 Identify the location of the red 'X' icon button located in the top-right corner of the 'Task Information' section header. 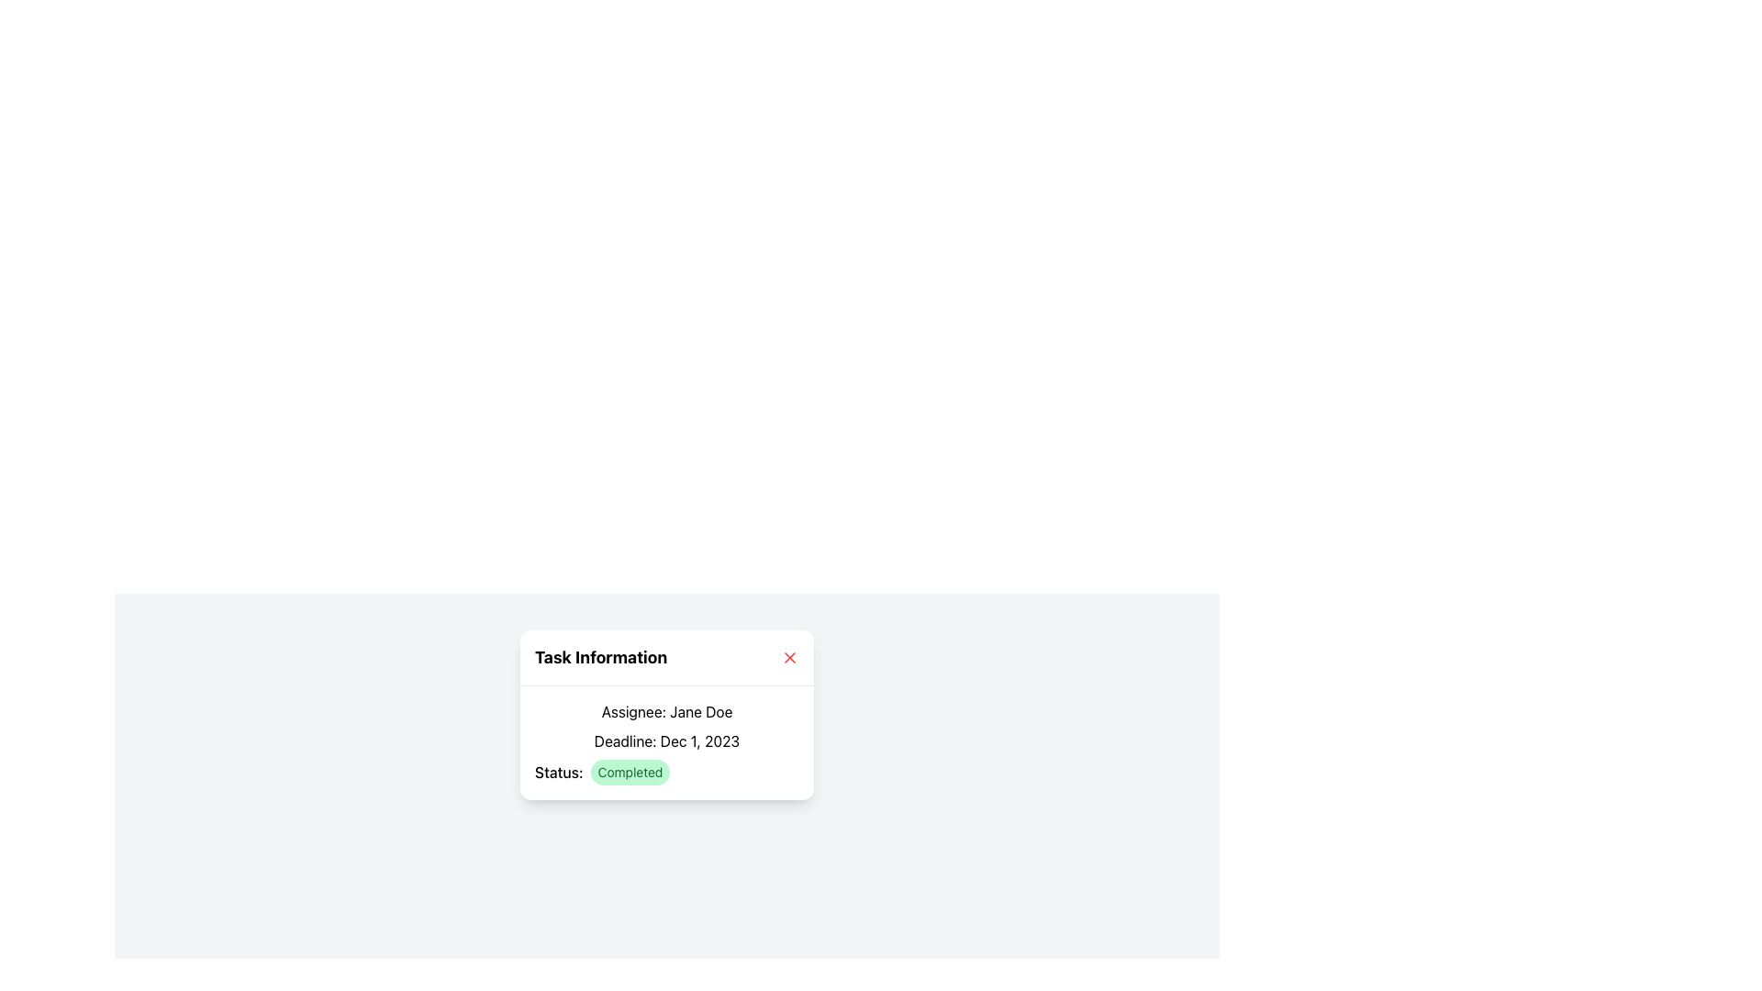
(789, 657).